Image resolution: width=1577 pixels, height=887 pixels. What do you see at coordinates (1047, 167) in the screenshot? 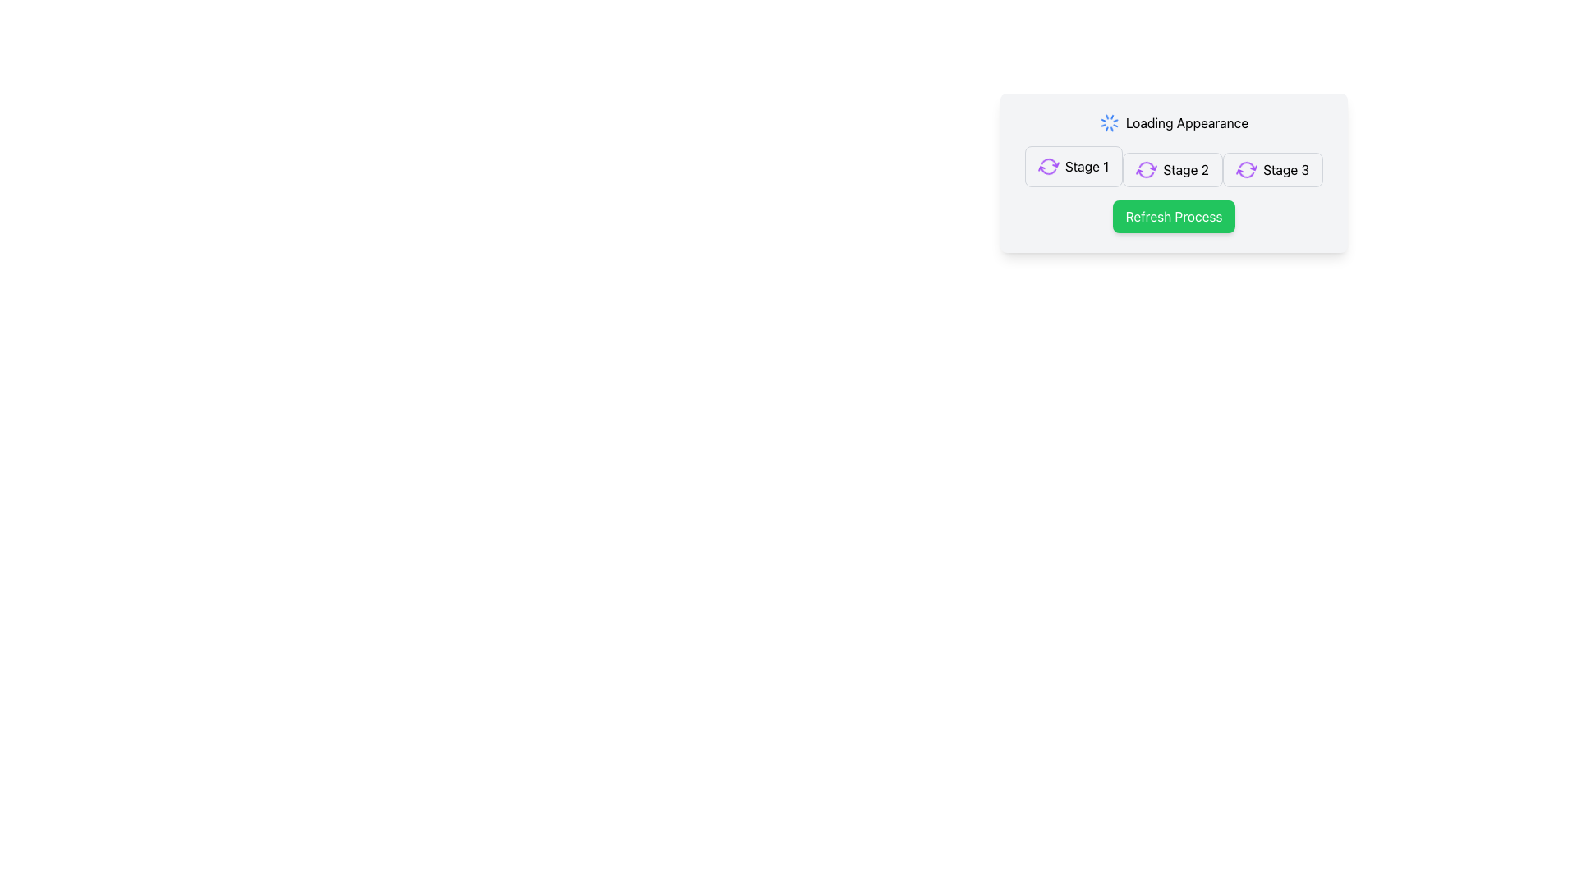
I see `the animated refresh icon located to the far left of the 'Stage 1' label in the upper-right section of the interface` at bounding box center [1047, 167].